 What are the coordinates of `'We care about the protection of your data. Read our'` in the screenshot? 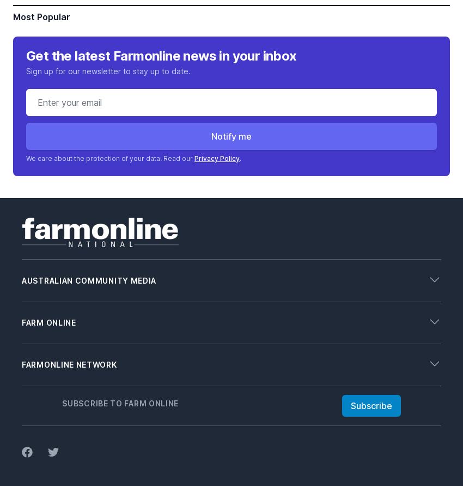 It's located at (109, 157).